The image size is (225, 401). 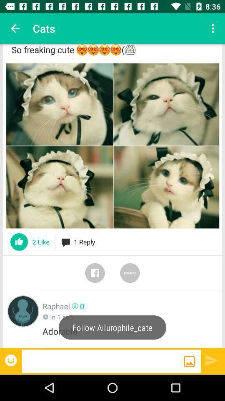 What do you see at coordinates (11, 360) in the screenshot?
I see `the emoji icon` at bounding box center [11, 360].